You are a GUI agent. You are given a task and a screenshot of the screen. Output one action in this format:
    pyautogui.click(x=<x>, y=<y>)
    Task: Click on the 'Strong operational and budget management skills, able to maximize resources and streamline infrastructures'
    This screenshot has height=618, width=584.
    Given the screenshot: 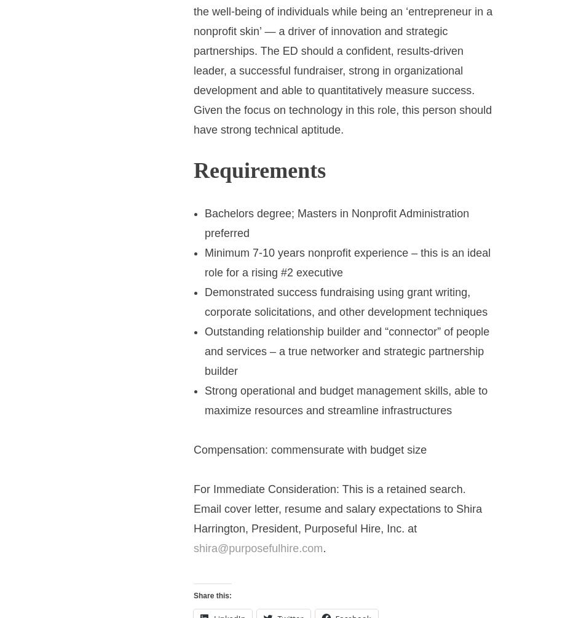 What is the action you would take?
    pyautogui.click(x=345, y=399)
    